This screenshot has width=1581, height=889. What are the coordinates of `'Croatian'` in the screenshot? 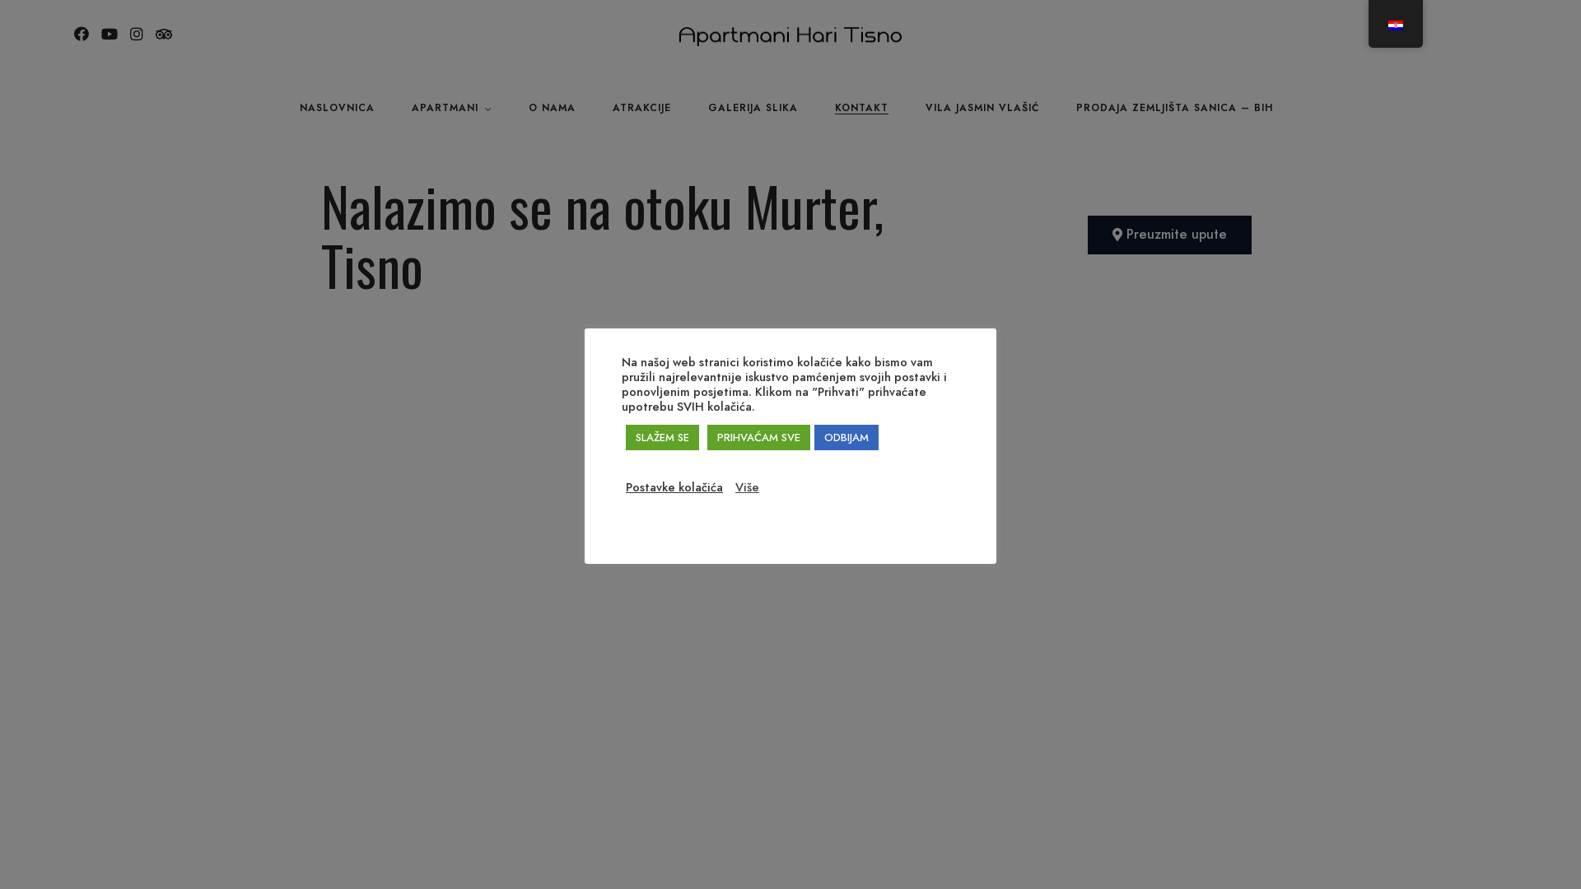 It's located at (1394, 25).